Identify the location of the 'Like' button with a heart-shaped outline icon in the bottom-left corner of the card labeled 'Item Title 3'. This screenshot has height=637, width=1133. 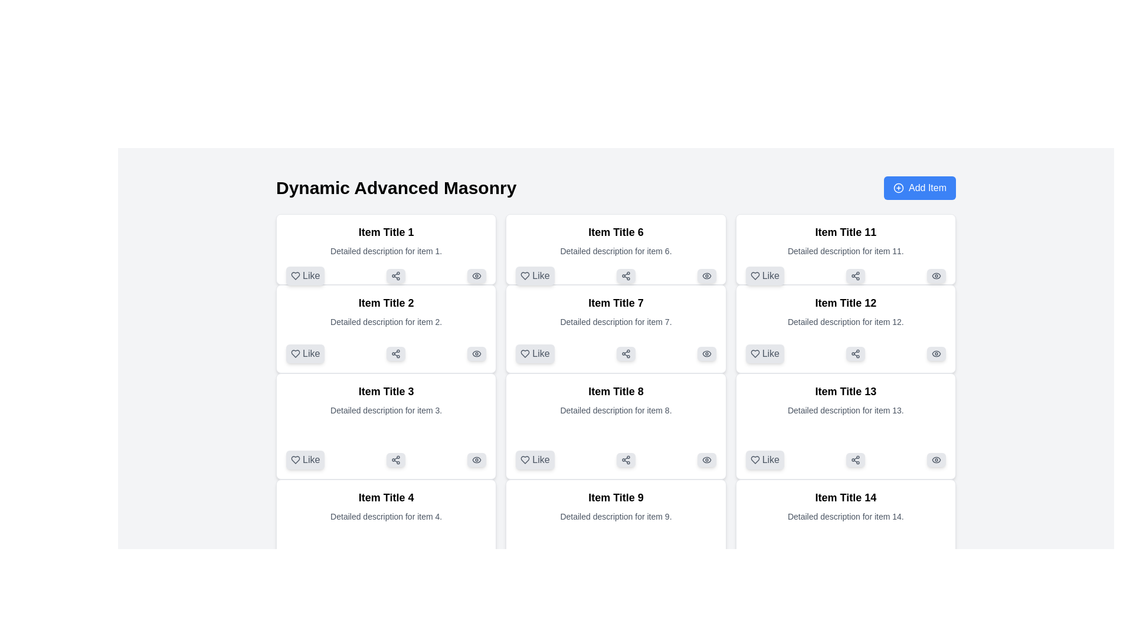
(305, 459).